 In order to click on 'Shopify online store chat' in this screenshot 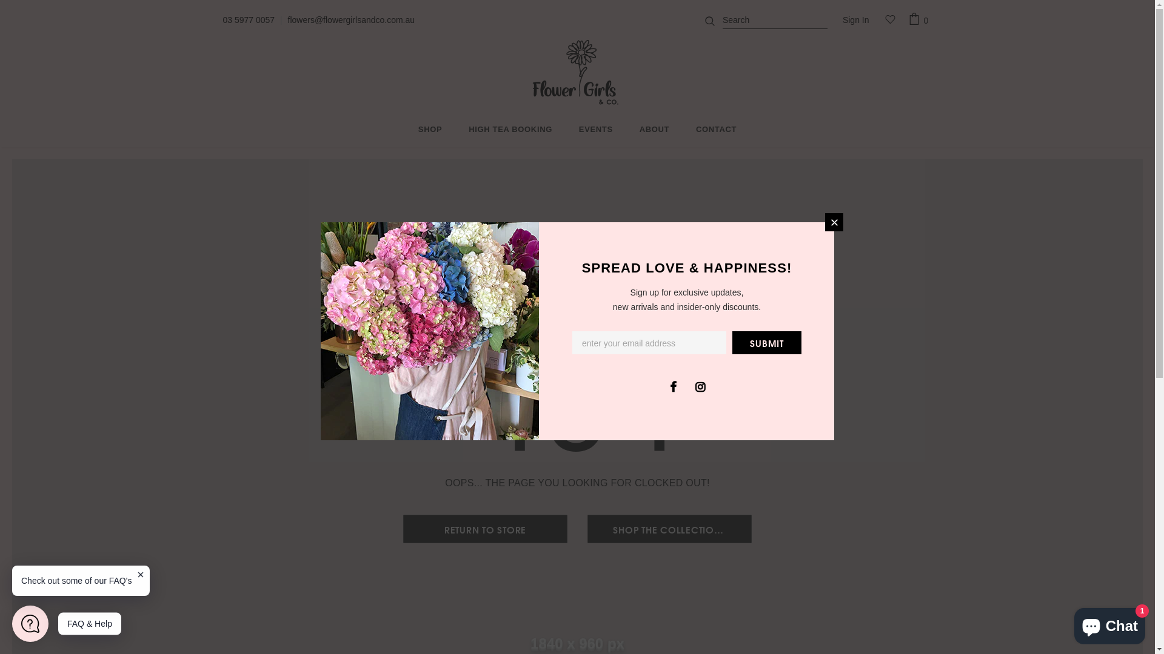, I will do `click(1071, 623)`.